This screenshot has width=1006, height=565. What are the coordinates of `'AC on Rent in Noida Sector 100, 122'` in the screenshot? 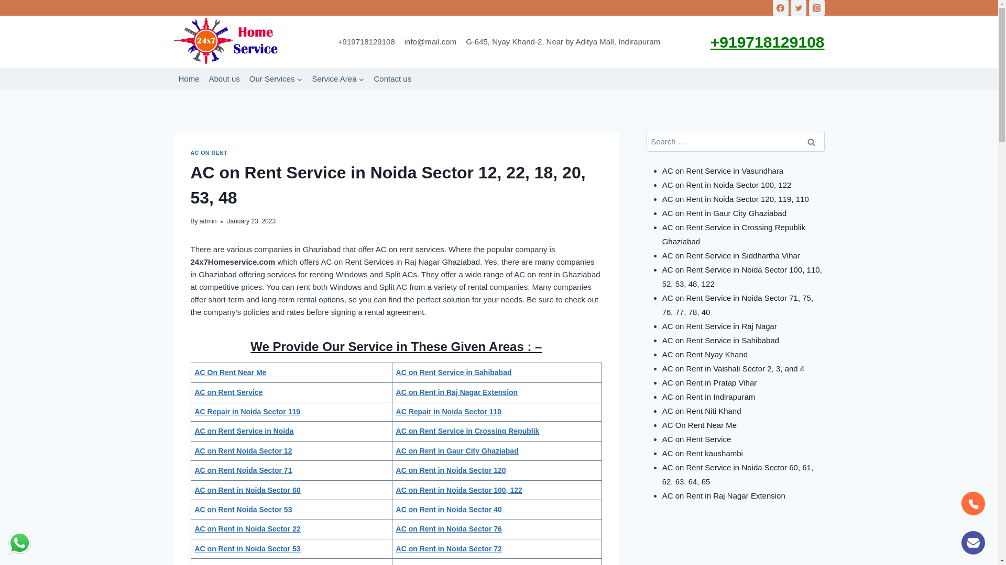 It's located at (726, 184).